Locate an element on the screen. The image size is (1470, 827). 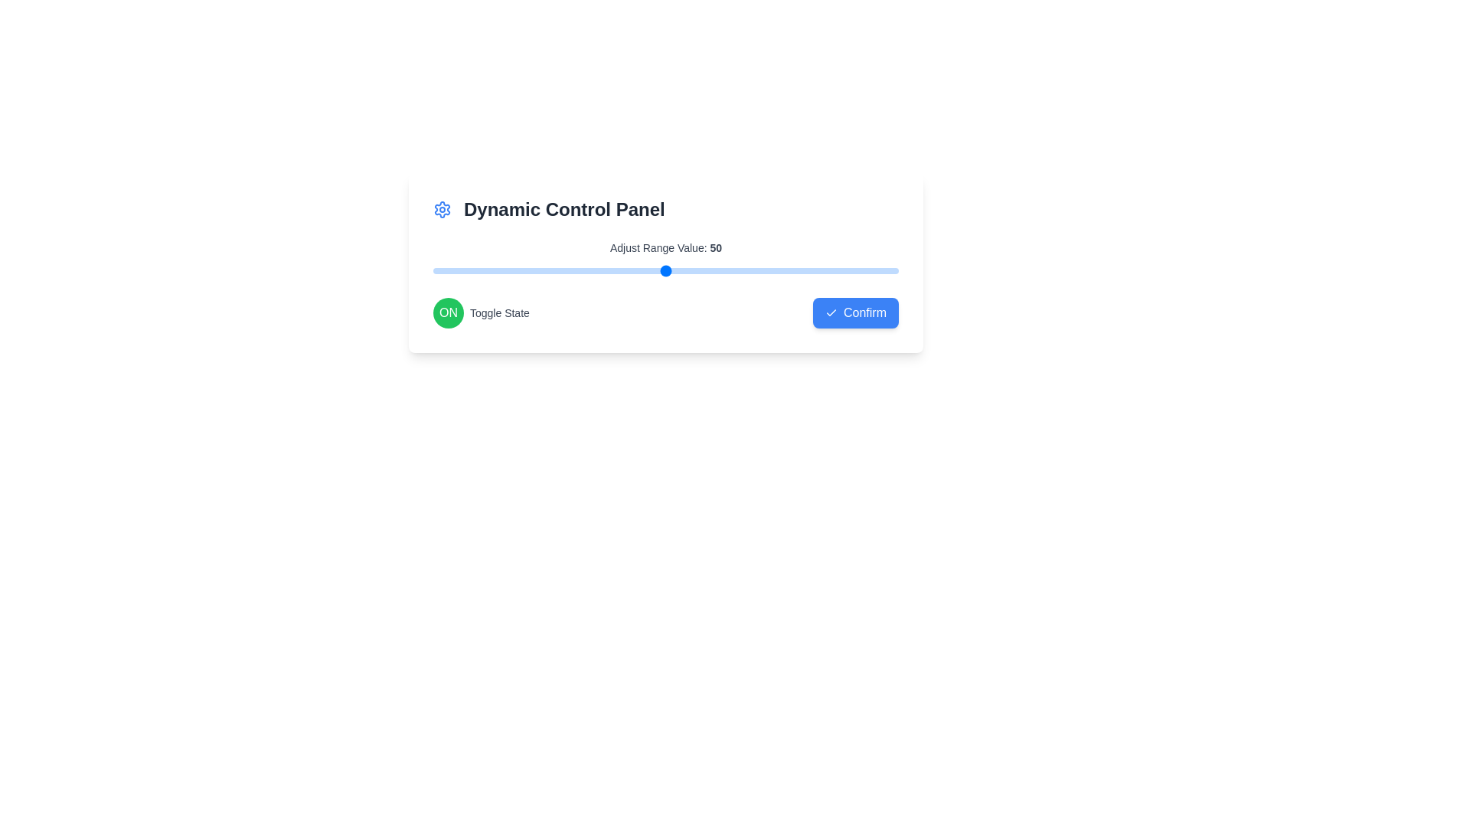
the blue Range slider located below the label 'Adjust Range Value: 50' in the 'Dynamic Control Panel' is located at coordinates (665, 270).